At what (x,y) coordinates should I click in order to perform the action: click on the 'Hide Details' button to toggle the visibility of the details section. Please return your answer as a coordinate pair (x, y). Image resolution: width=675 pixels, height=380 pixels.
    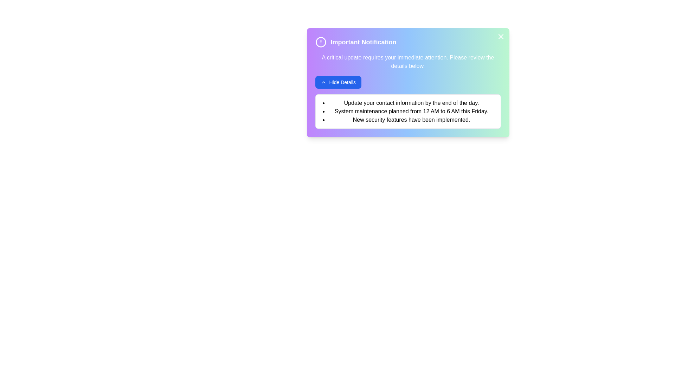
    Looking at the image, I should click on (338, 82).